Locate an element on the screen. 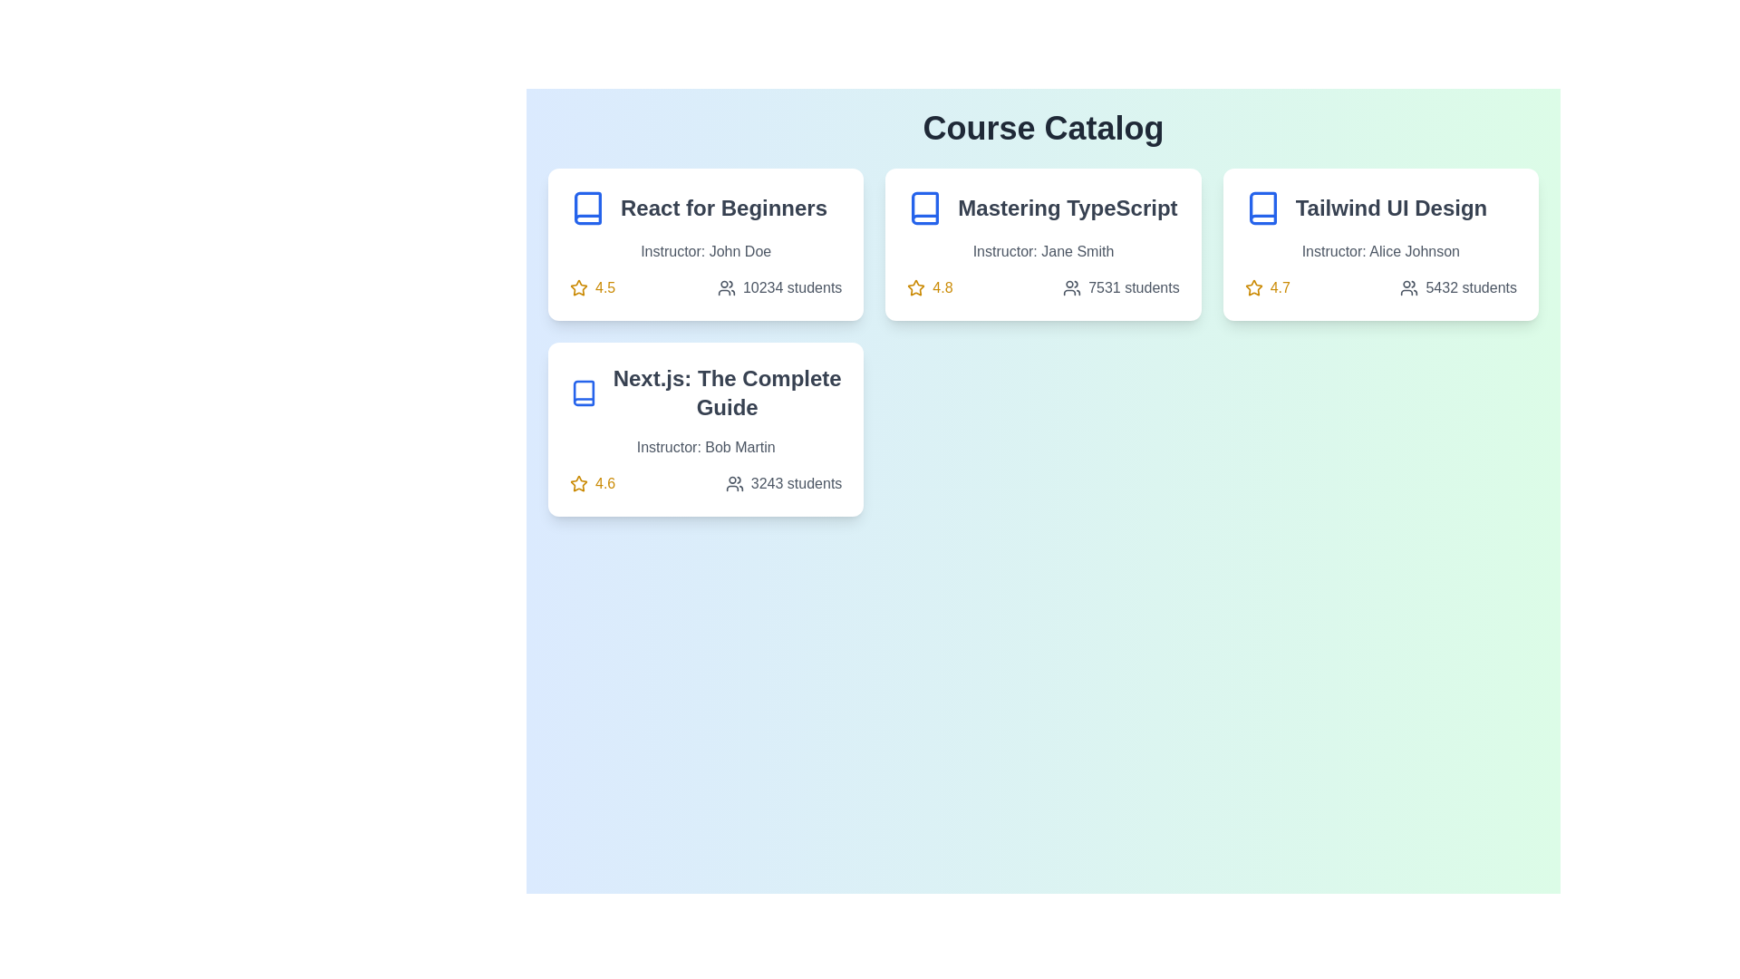  the star icon that symbolizes the rating of the course 'Mastering TypeScript', located to the left of the numeric rating value '4.8' is located at coordinates (916, 286).